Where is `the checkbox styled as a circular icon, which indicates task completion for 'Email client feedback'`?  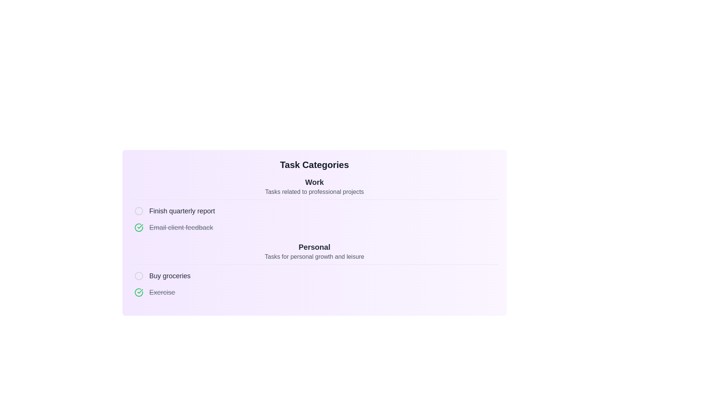
the checkbox styled as a circular icon, which indicates task completion for 'Email client feedback' is located at coordinates (139, 227).